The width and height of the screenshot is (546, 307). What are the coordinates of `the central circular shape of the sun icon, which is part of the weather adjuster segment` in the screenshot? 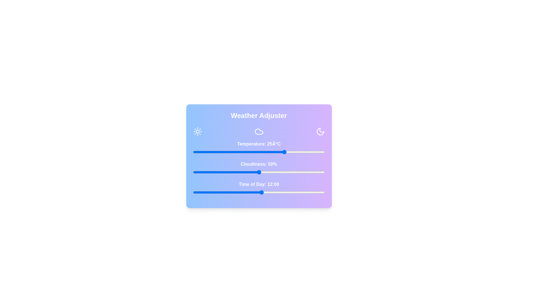 It's located at (197, 131).